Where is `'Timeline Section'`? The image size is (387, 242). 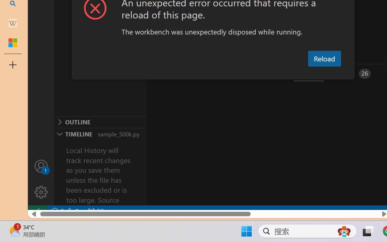 'Timeline Section' is located at coordinates (100, 133).